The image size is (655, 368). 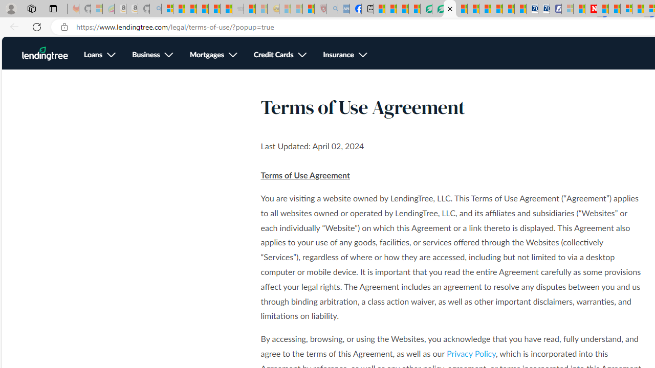 What do you see at coordinates (308, 9) in the screenshot?
I see `'Local - MSN'` at bounding box center [308, 9].